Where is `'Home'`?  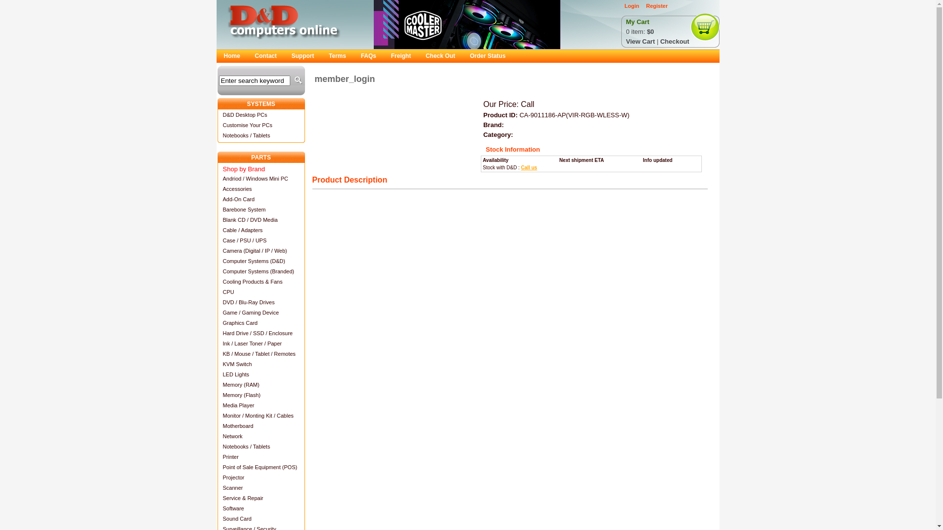
'Home' is located at coordinates (231, 56).